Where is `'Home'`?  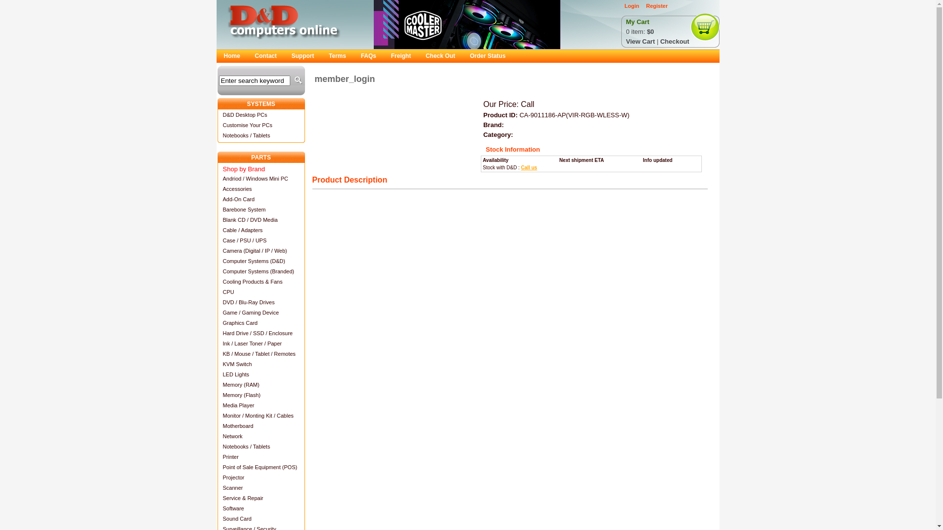
'Home' is located at coordinates (231, 56).